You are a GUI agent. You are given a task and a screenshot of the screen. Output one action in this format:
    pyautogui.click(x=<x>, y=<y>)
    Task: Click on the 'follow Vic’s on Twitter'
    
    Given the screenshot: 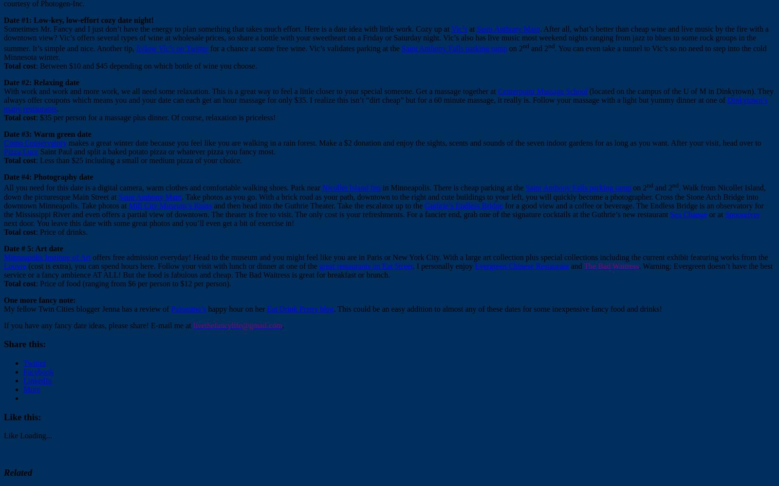 What is the action you would take?
    pyautogui.click(x=171, y=48)
    